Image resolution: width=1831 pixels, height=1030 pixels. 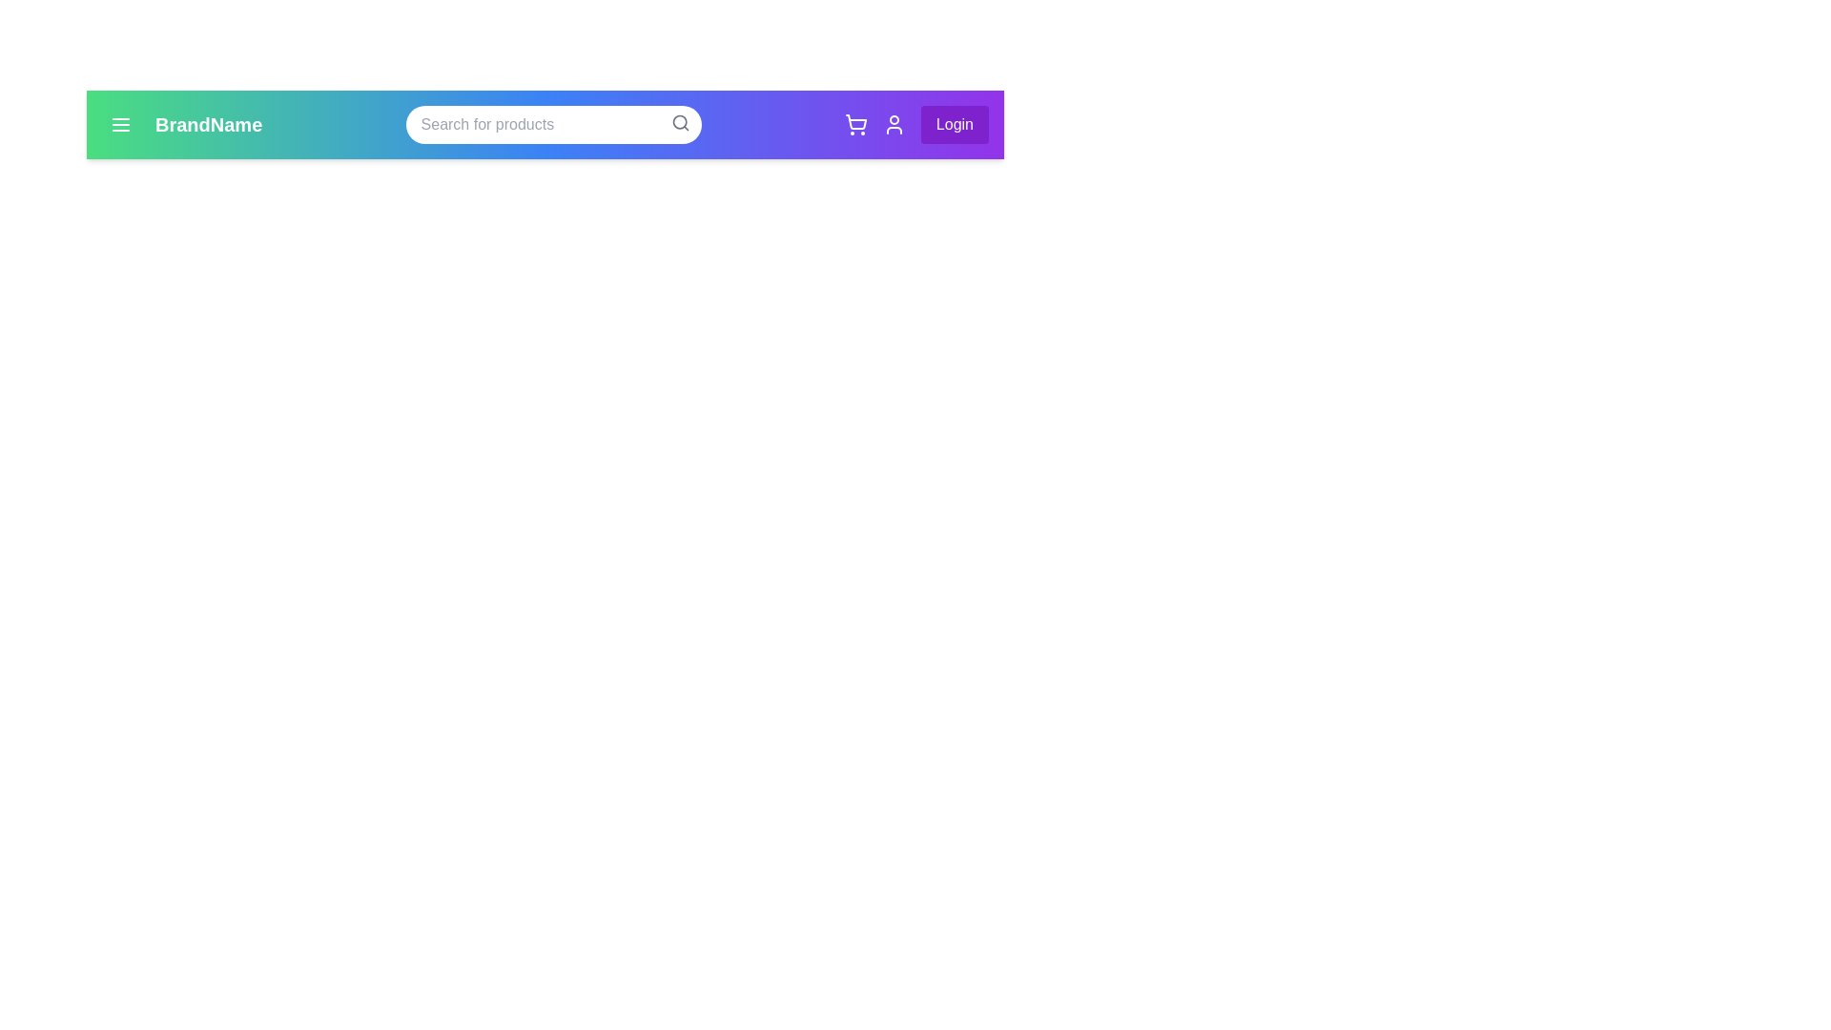 I want to click on the user profile icon, so click(x=893, y=125).